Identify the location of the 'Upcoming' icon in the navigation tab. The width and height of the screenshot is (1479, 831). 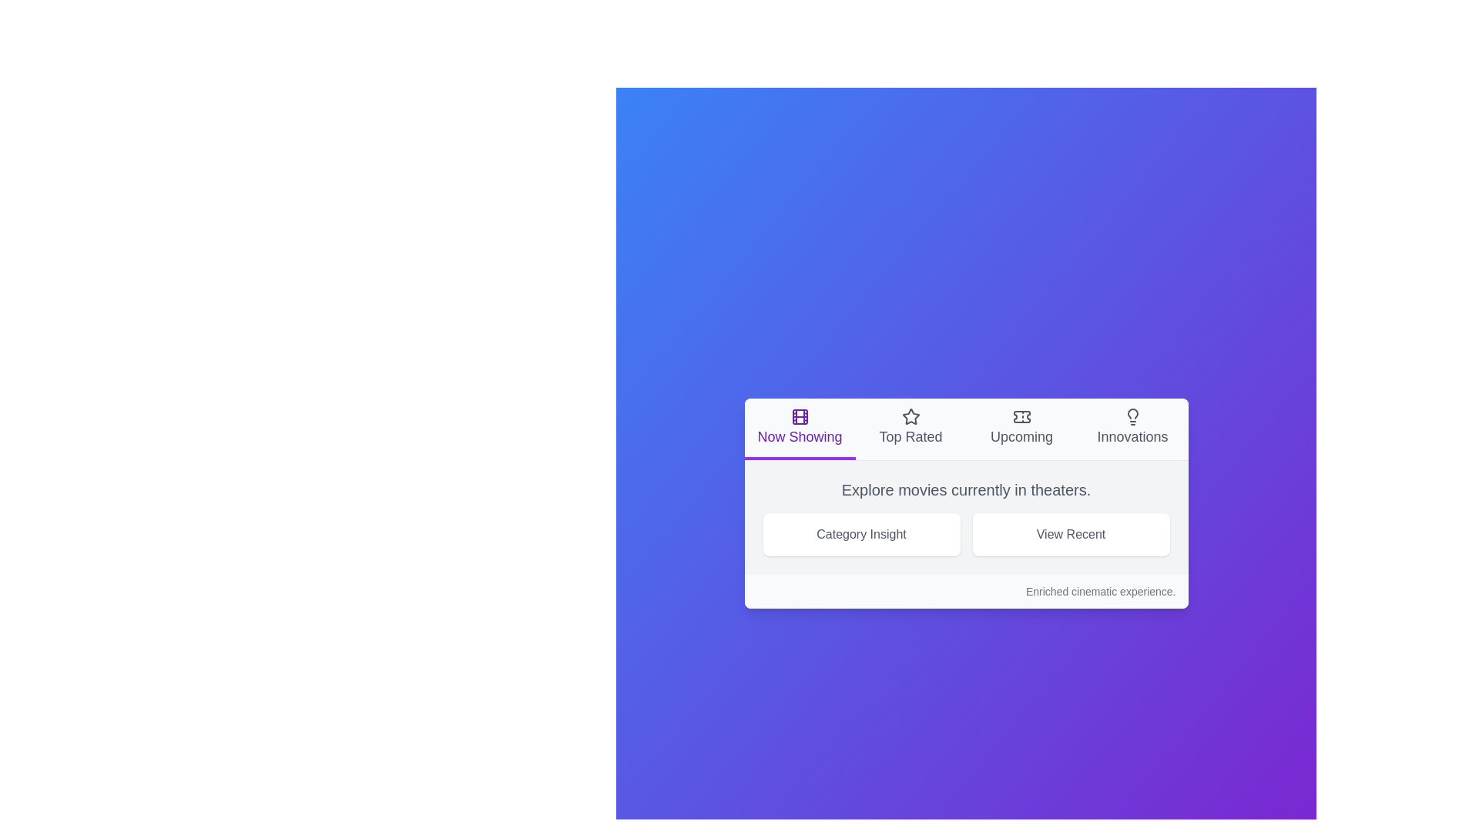
(1021, 416).